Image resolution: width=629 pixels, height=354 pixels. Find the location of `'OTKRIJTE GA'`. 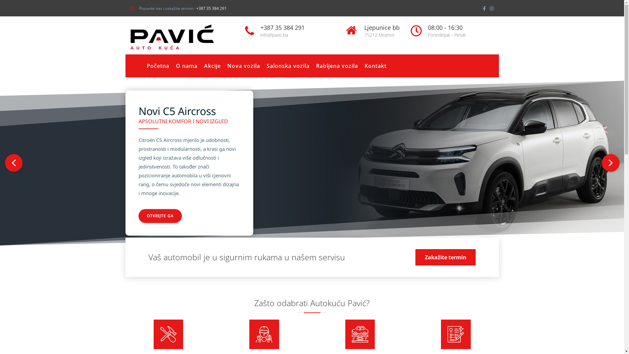

'OTKRIJTE GA' is located at coordinates (160, 216).